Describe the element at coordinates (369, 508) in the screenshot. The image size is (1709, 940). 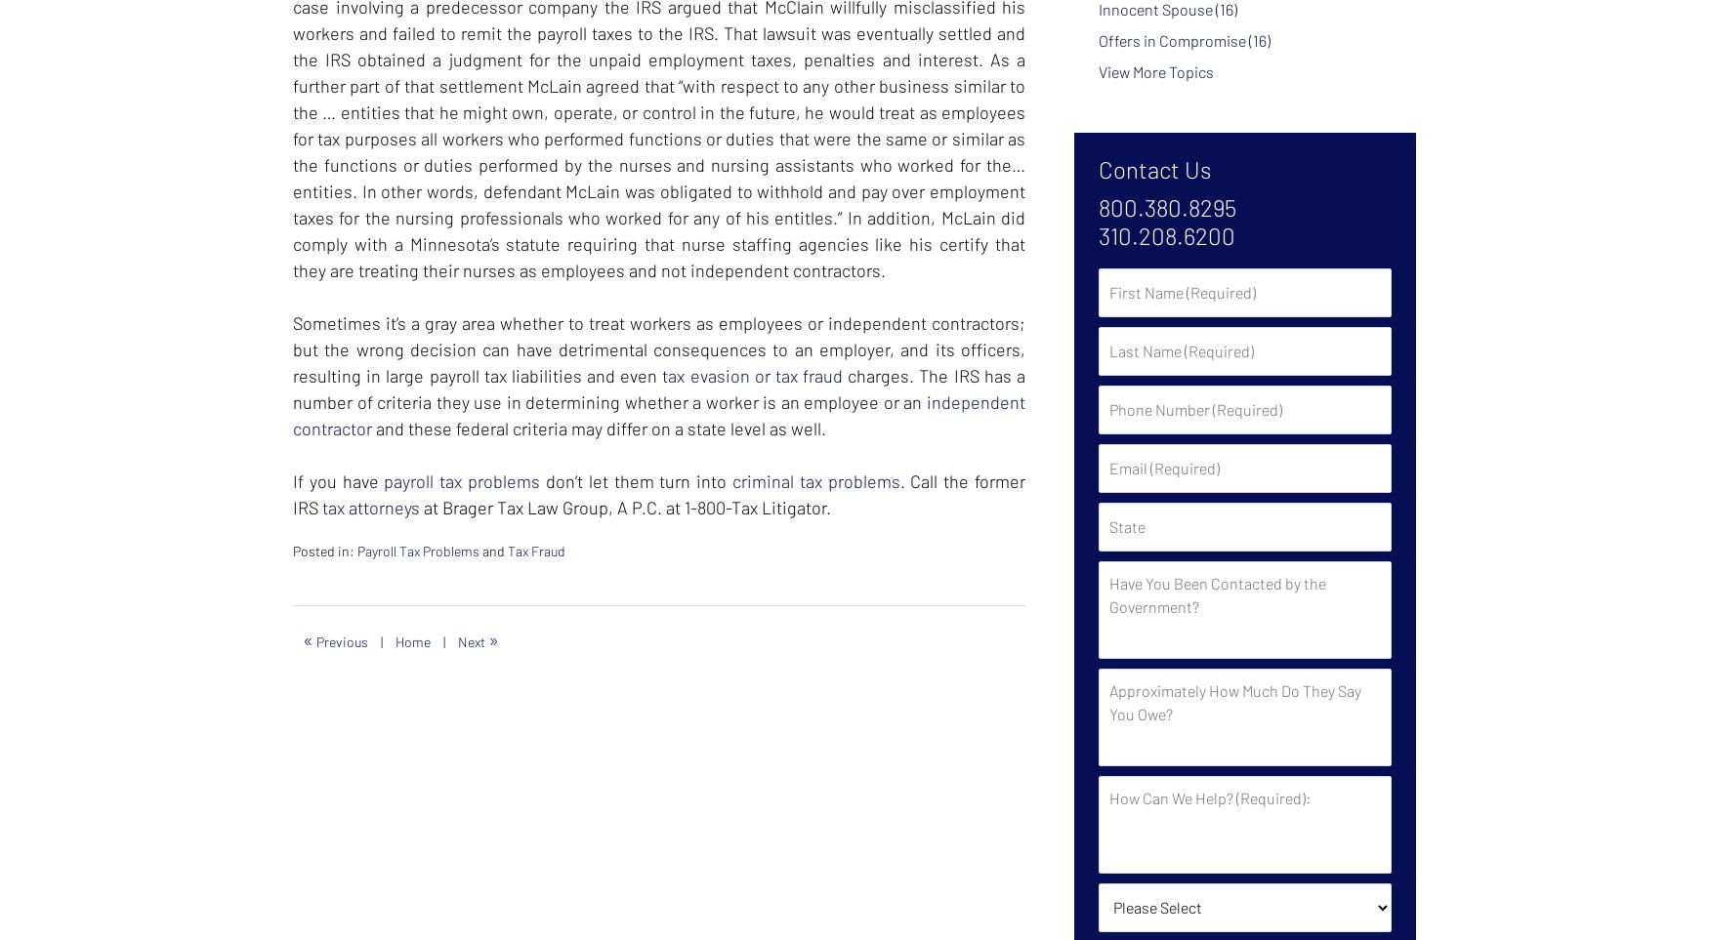
I see `'tax attorneys'` at that location.